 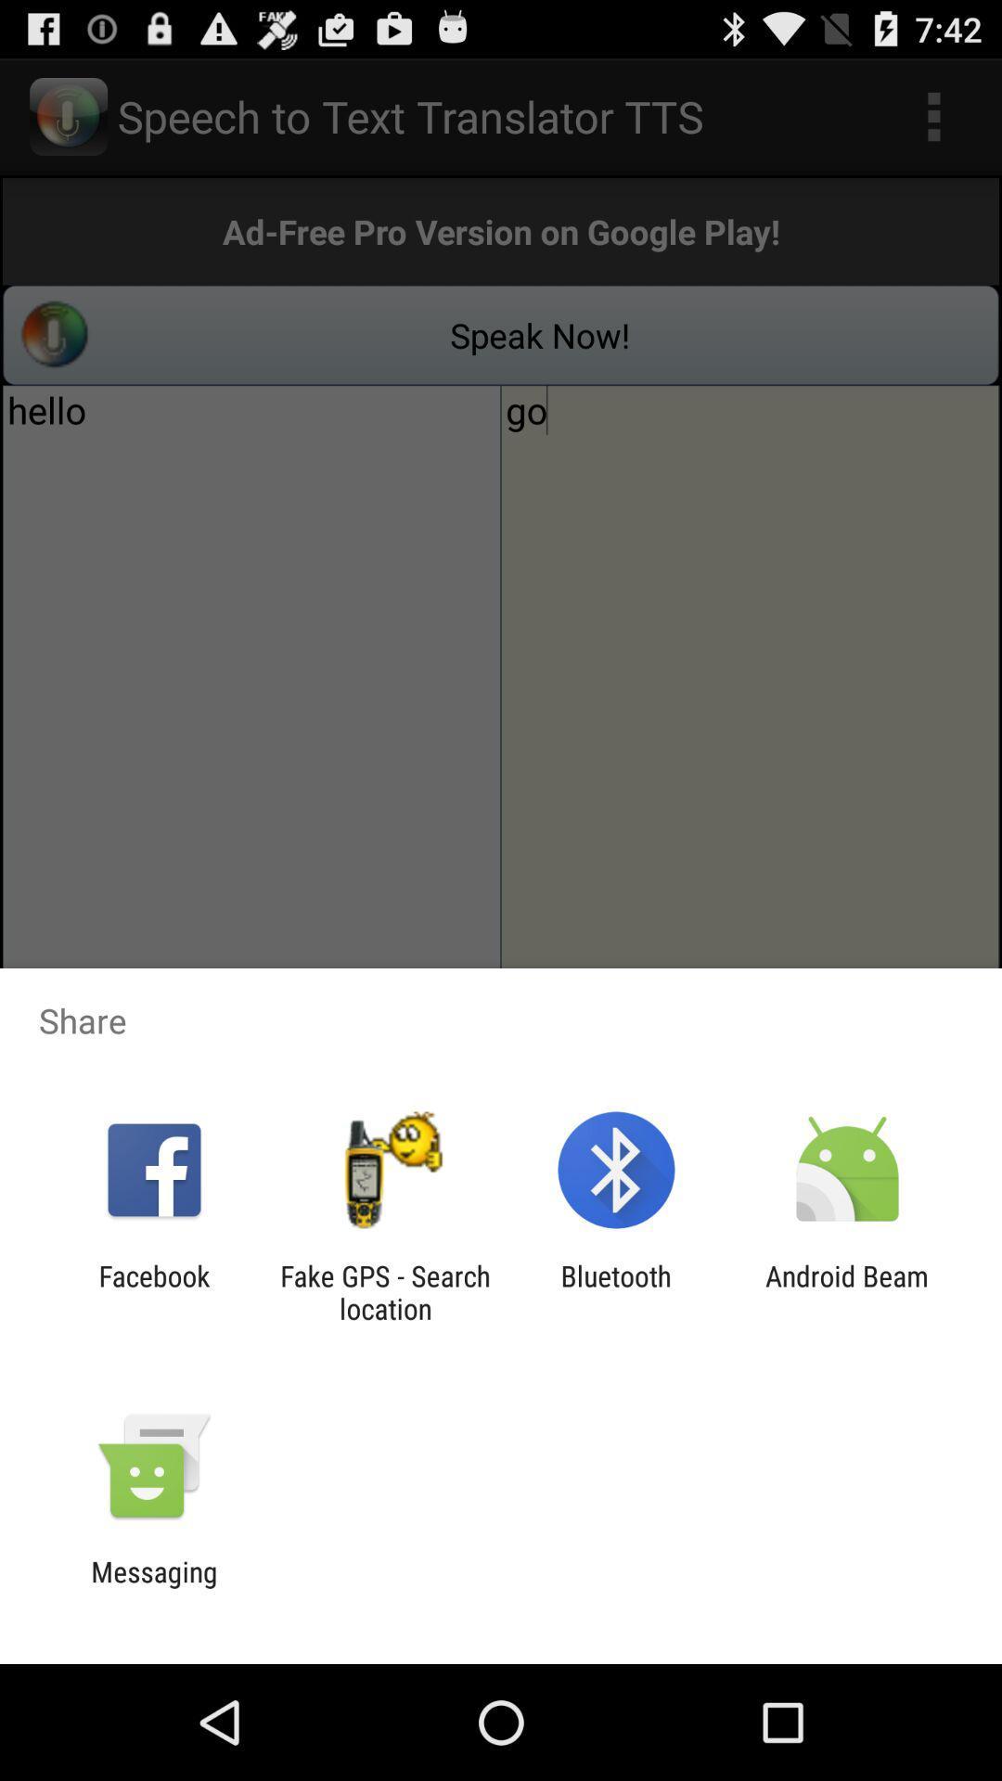 I want to click on the fake gps search app, so click(x=384, y=1291).